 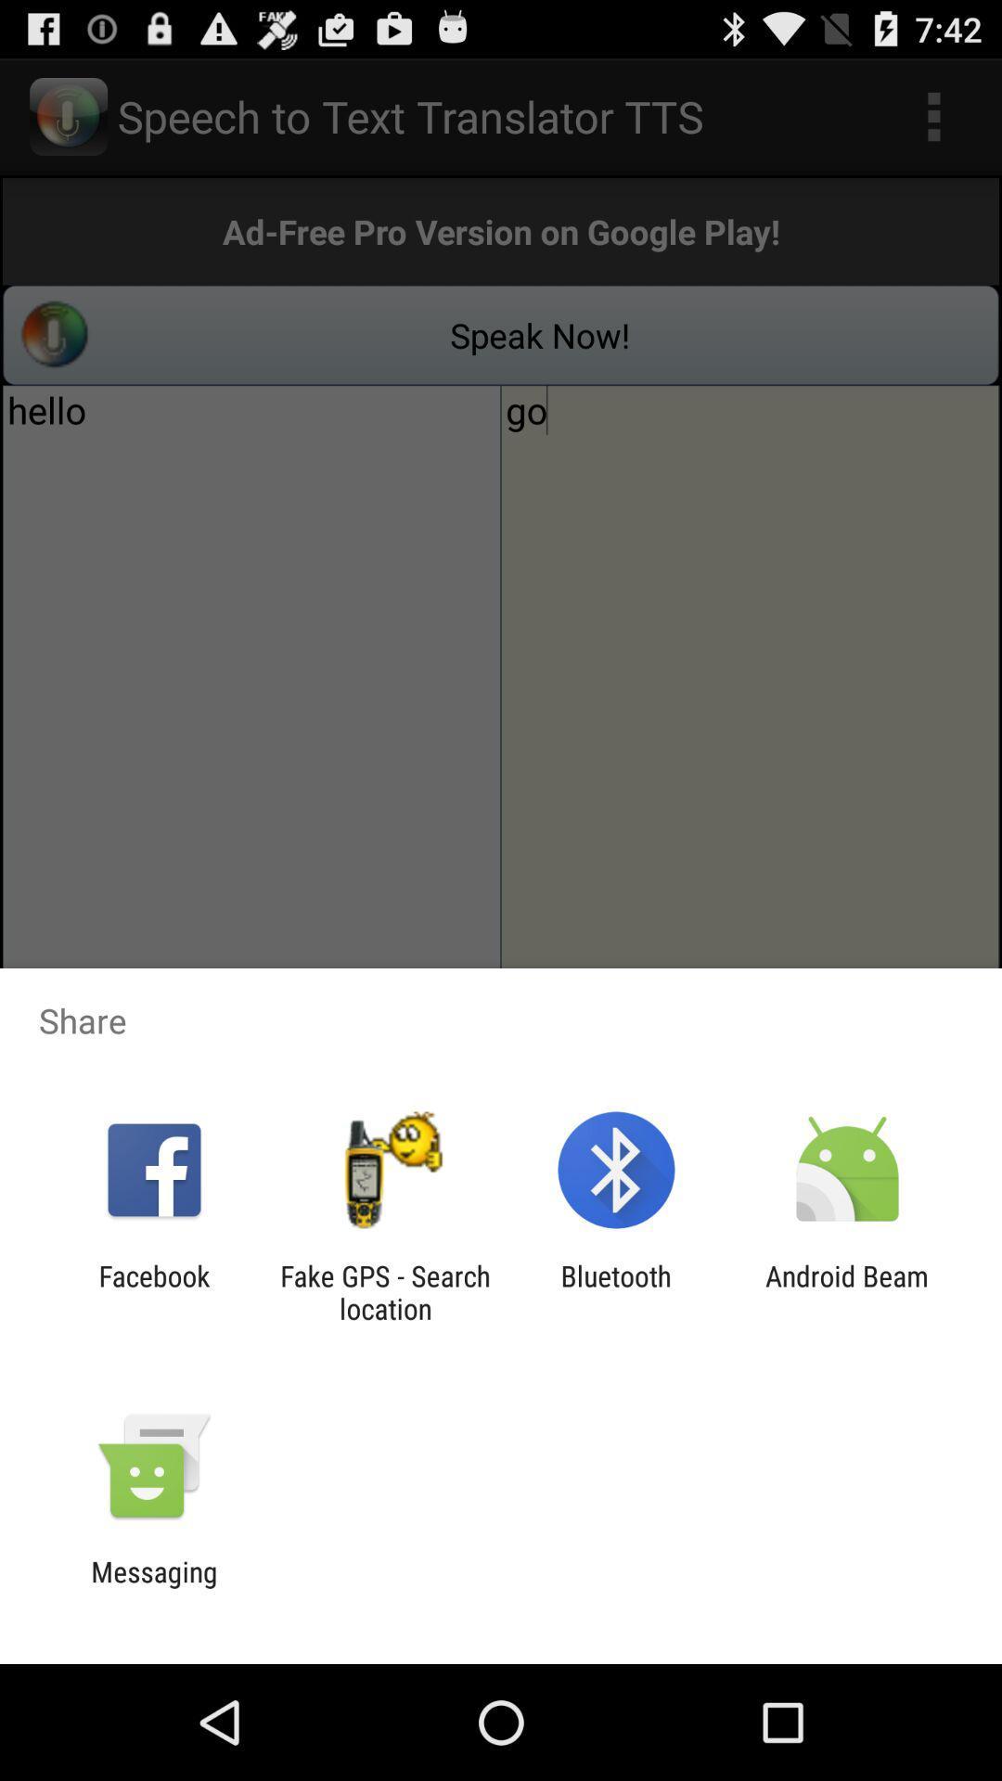 I want to click on the fake gps search app, so click(x=384, y=1291).